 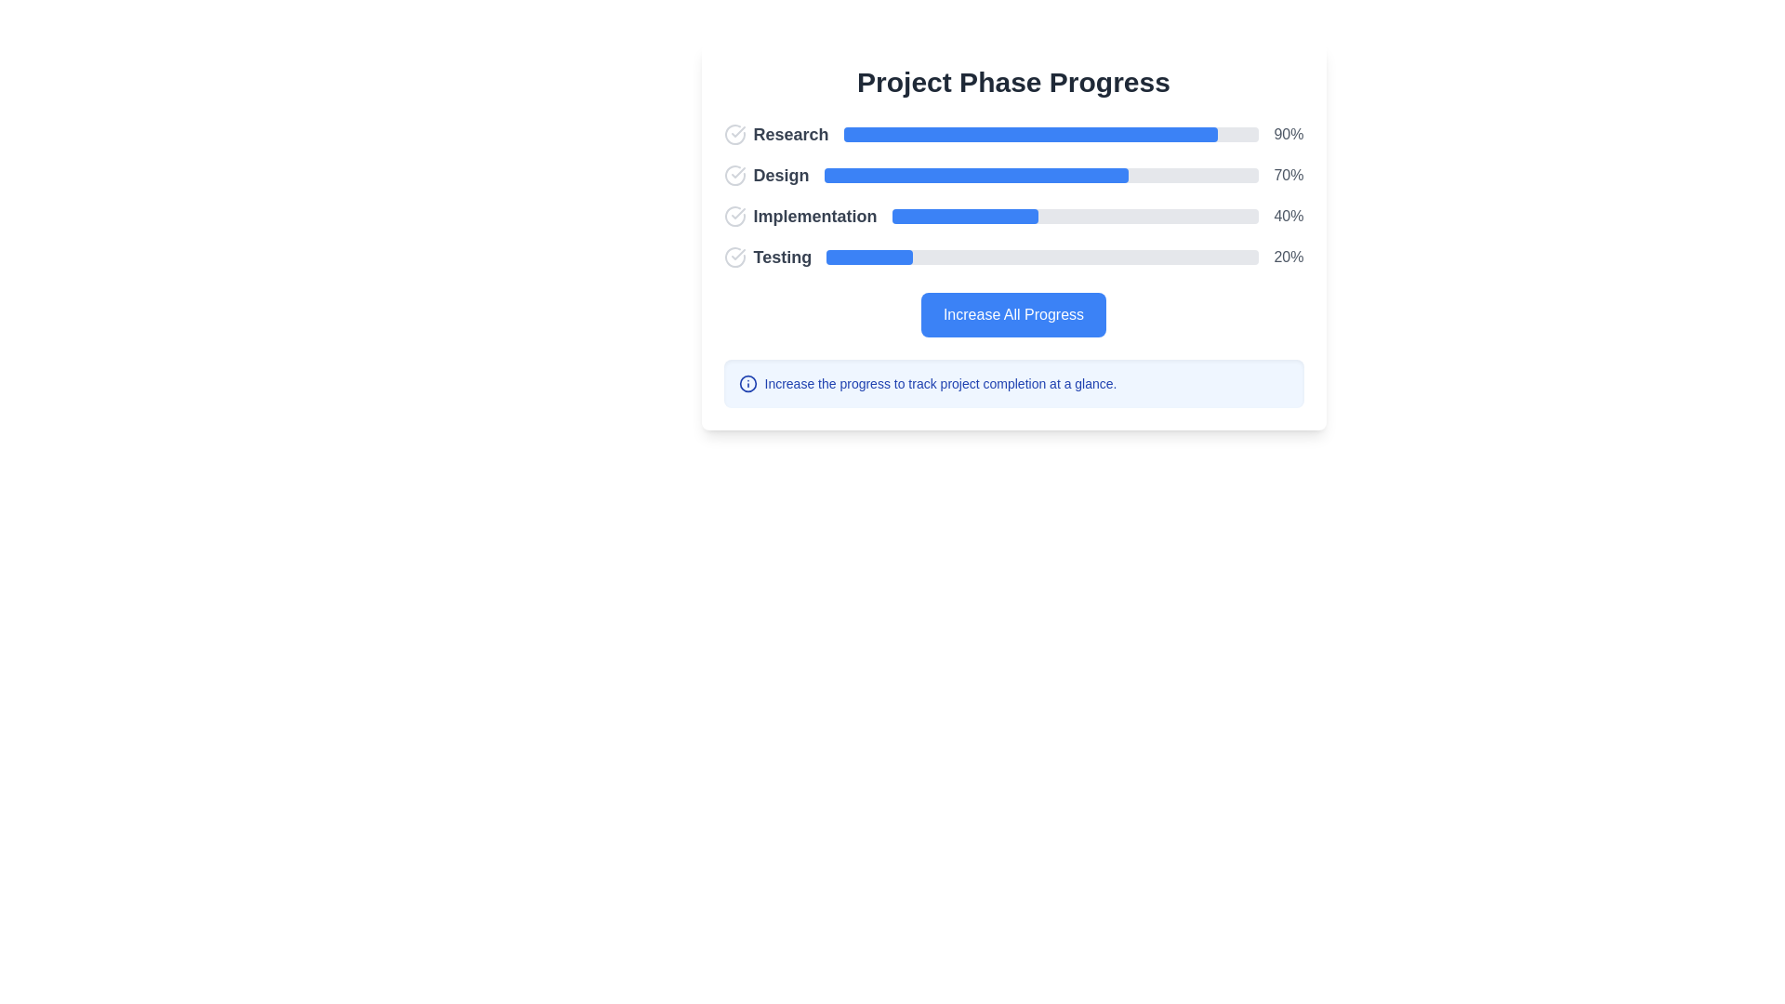 What do you see at coordinates (868, 258) in the screenshot?
I see `the Progress Indicator that visually represents the 20% completion of the 'Testing' phase in the 'Project Phase Progress' list` at bounding box center [868, 258].